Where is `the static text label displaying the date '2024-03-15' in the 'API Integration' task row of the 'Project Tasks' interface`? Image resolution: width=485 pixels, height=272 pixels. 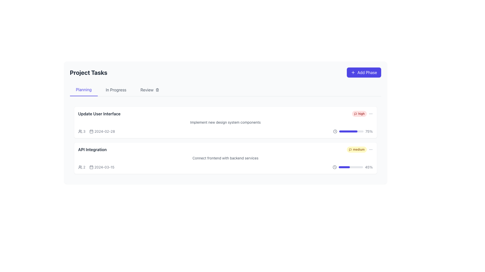
the static text label displaying the date '2024-03-15' in the 'API Integration' task row of the 'Project Tasks' interface is located at coordinates (104, 167).